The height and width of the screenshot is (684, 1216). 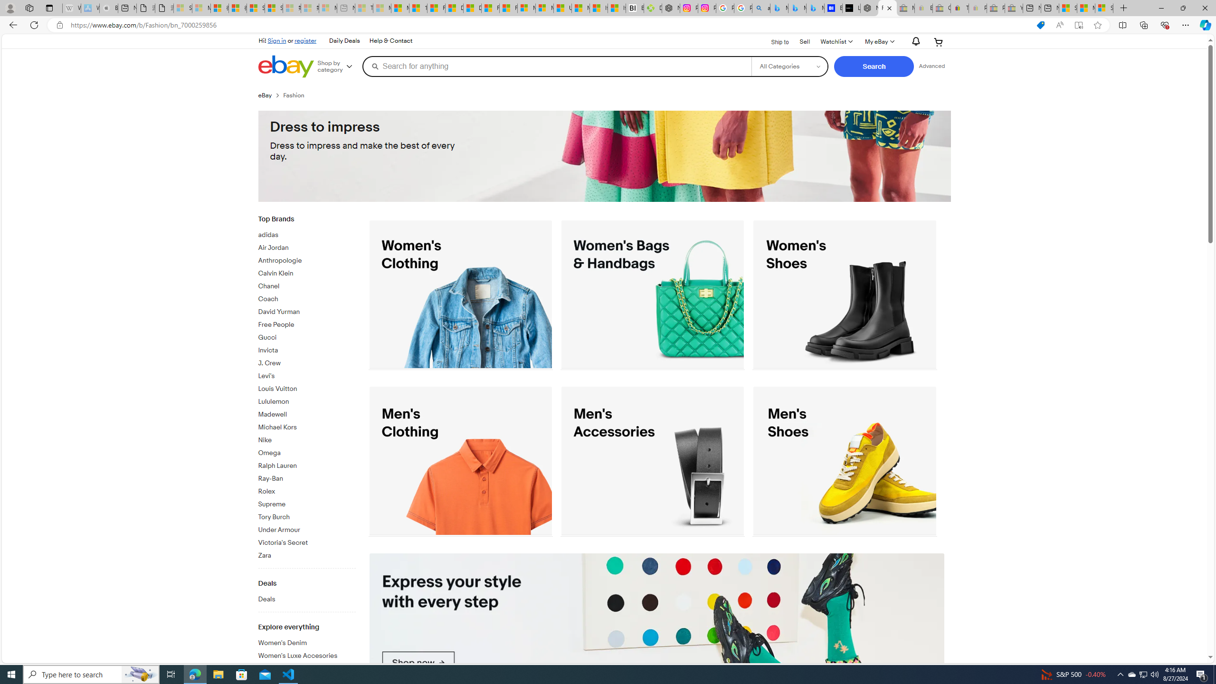 What do you see at coordinates (556, 66) in the screenshot?
I see `'Search for anything'` at bounding box center [556, 66].